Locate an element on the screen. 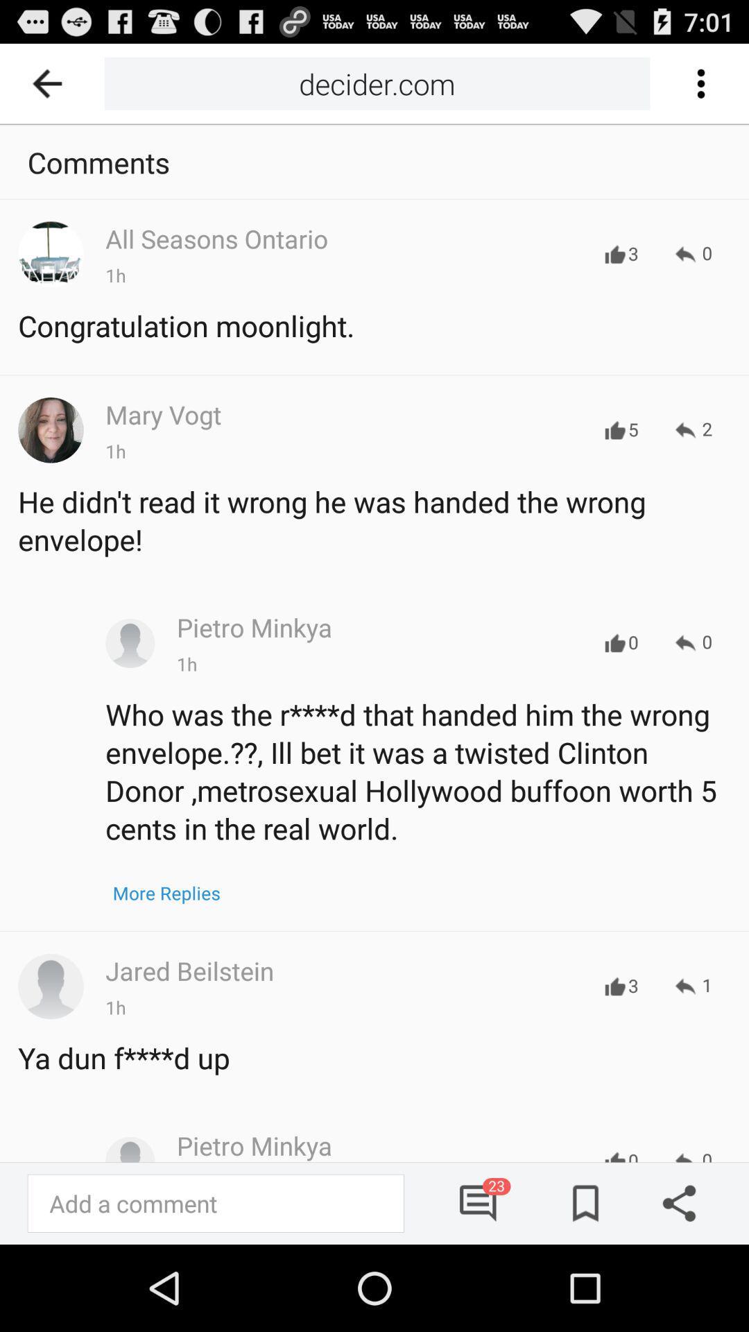 The height and width of the screenshot is (1332, 749). shareing icone is located at coordinates (673, 1202).